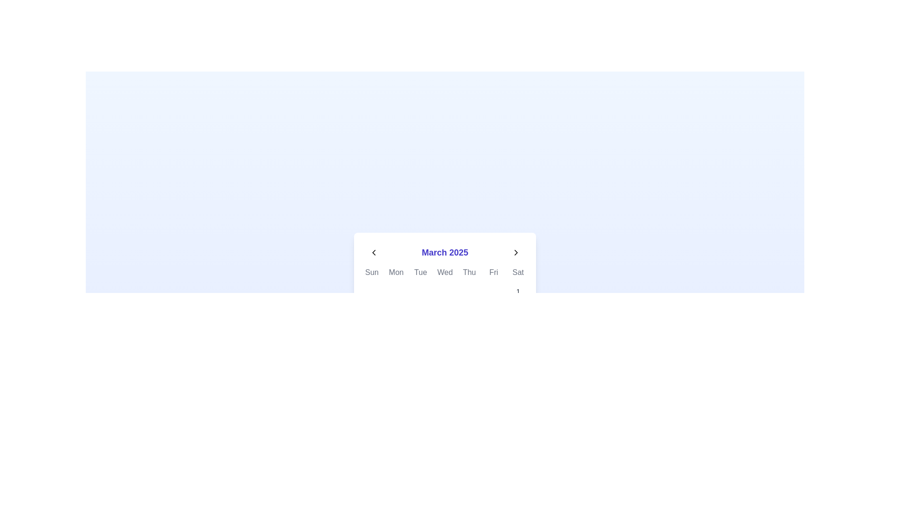  I want to click on the Label displaying the weekday abbreviation 'Thu', located in the middle-top section of the calendar interface, specifically positioned as the fifth column in the row representing day headers, between 'Wed' and 'Fri', so click(469, 272).